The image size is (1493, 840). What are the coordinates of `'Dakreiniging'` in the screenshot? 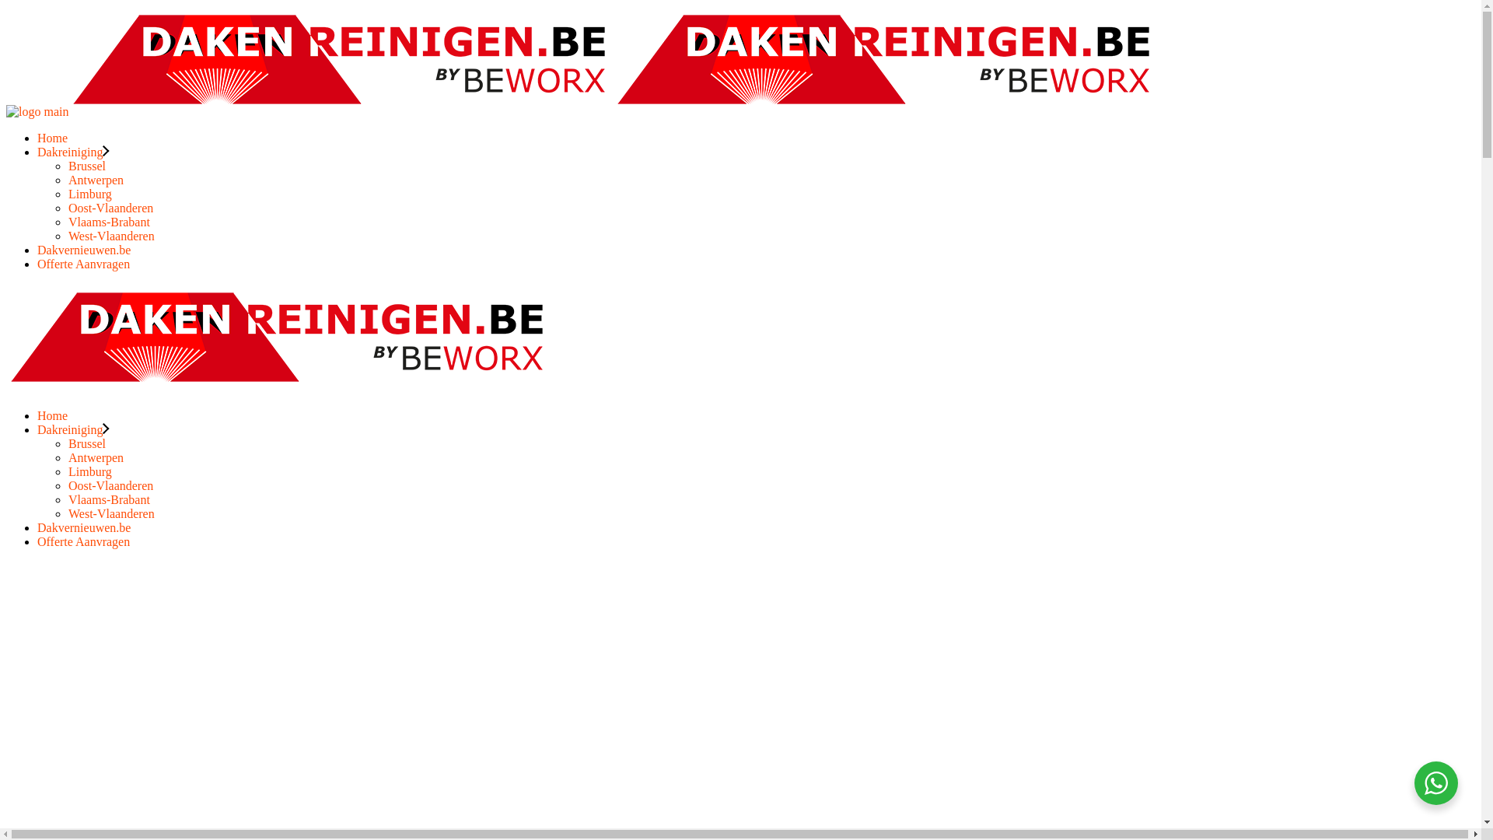 It's located at (69, 429).